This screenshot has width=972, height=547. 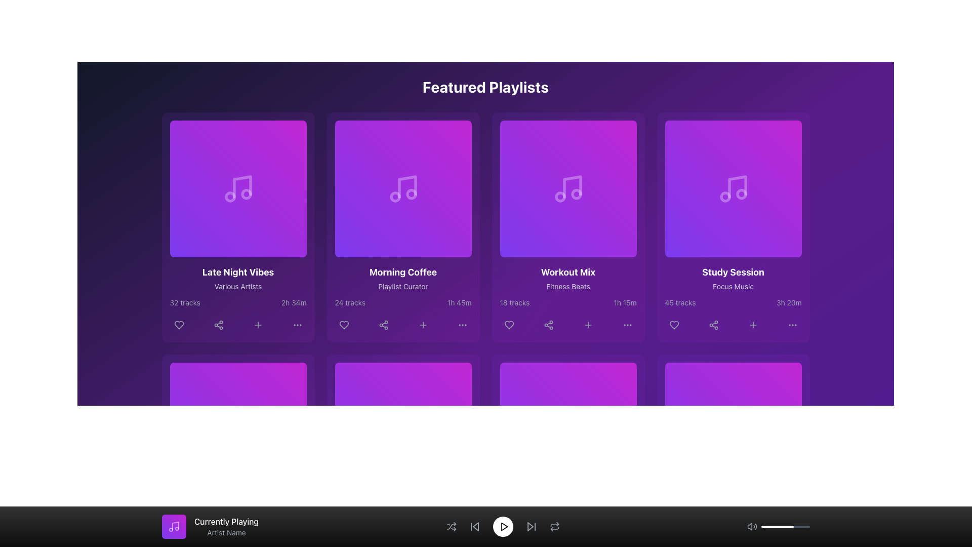 What do you see at coordinates (297, 325) in the screenshot?
I see `the ellipsis button located at the rightmost end of the row of functionalities below the 'Late Night Vibes' playlist card` at bounding box center [297, 325].